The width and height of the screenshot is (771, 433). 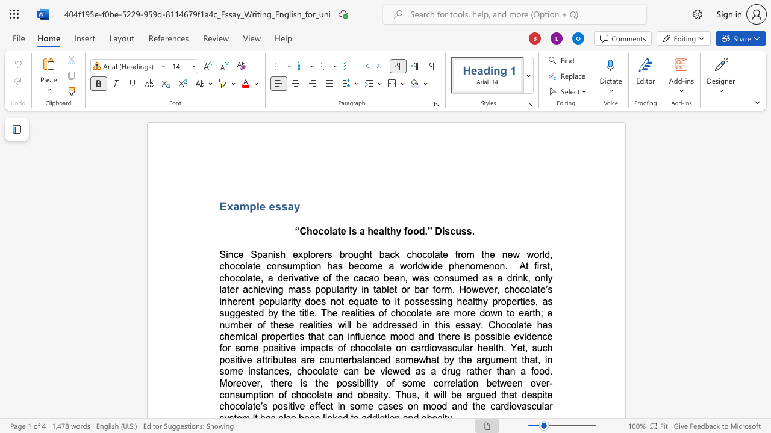 I want to click on the space between the continuous character "o" and "u" in the text, so click(x=352, y=254).